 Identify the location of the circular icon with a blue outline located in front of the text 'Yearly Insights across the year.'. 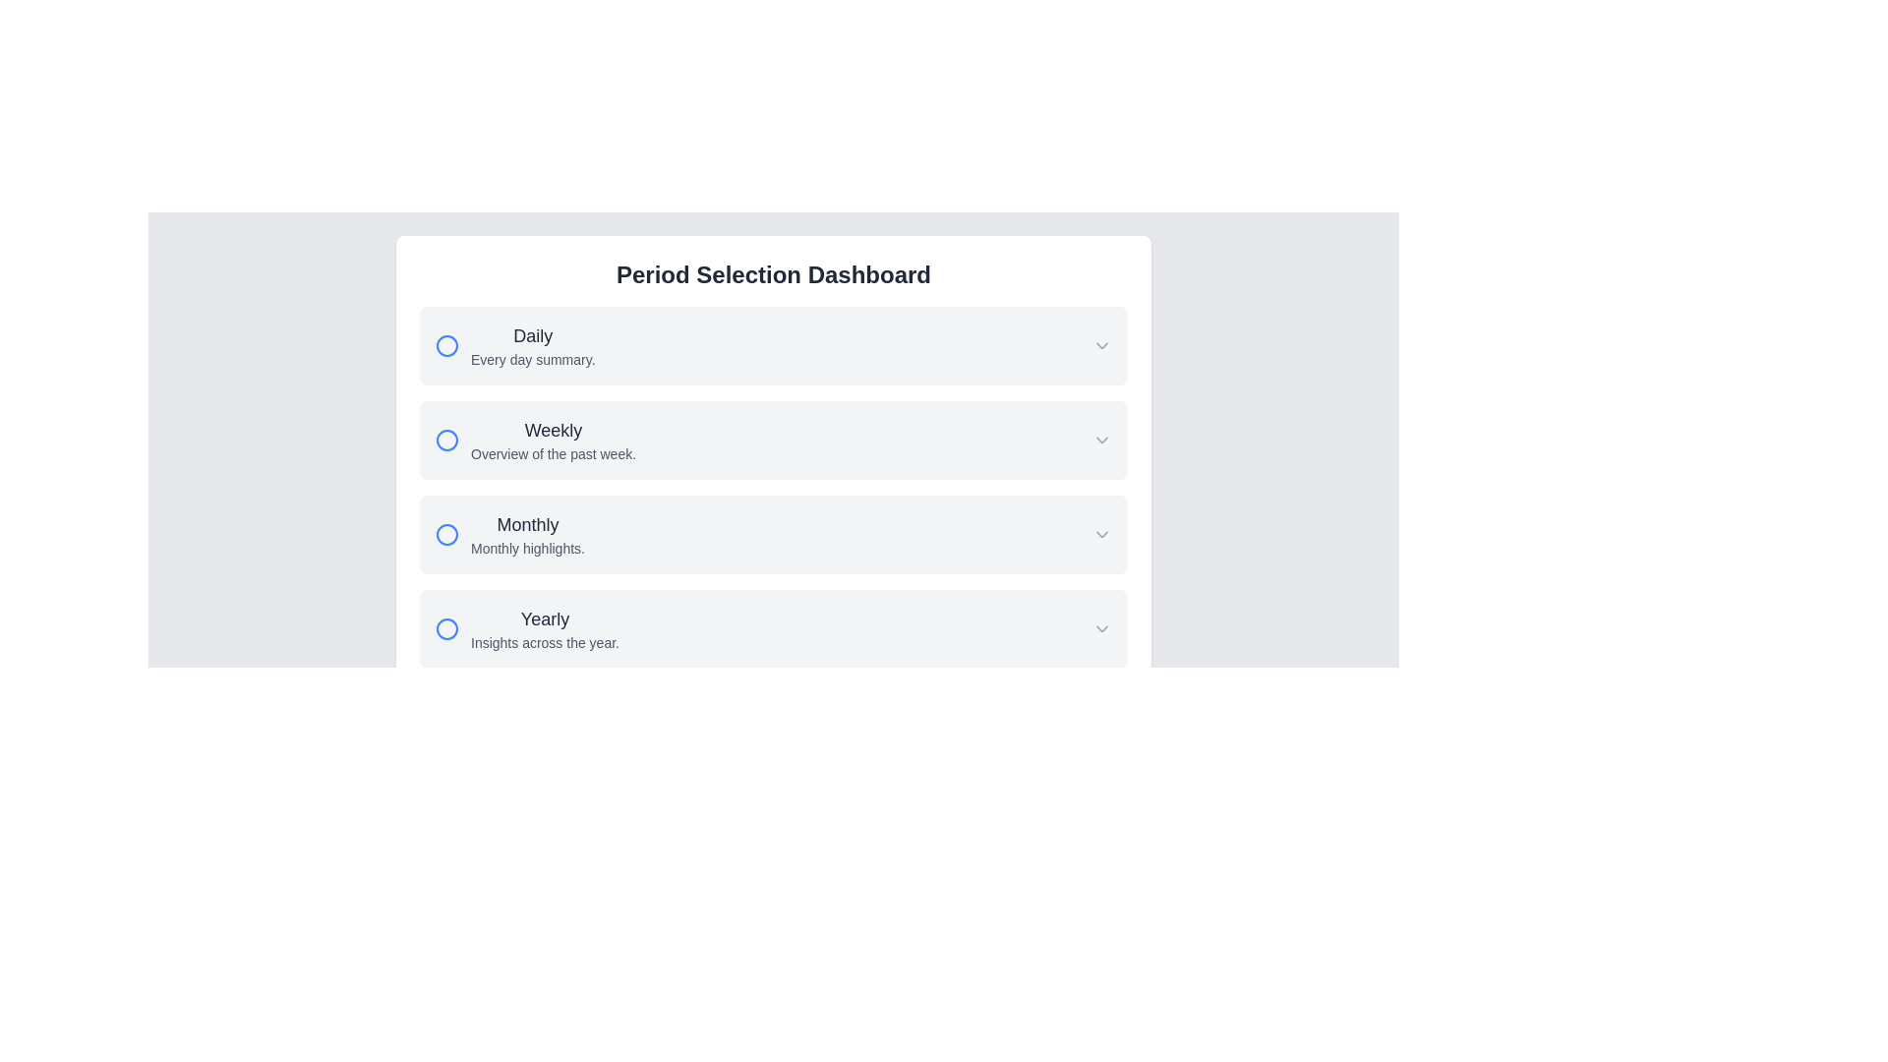
(446, 629).